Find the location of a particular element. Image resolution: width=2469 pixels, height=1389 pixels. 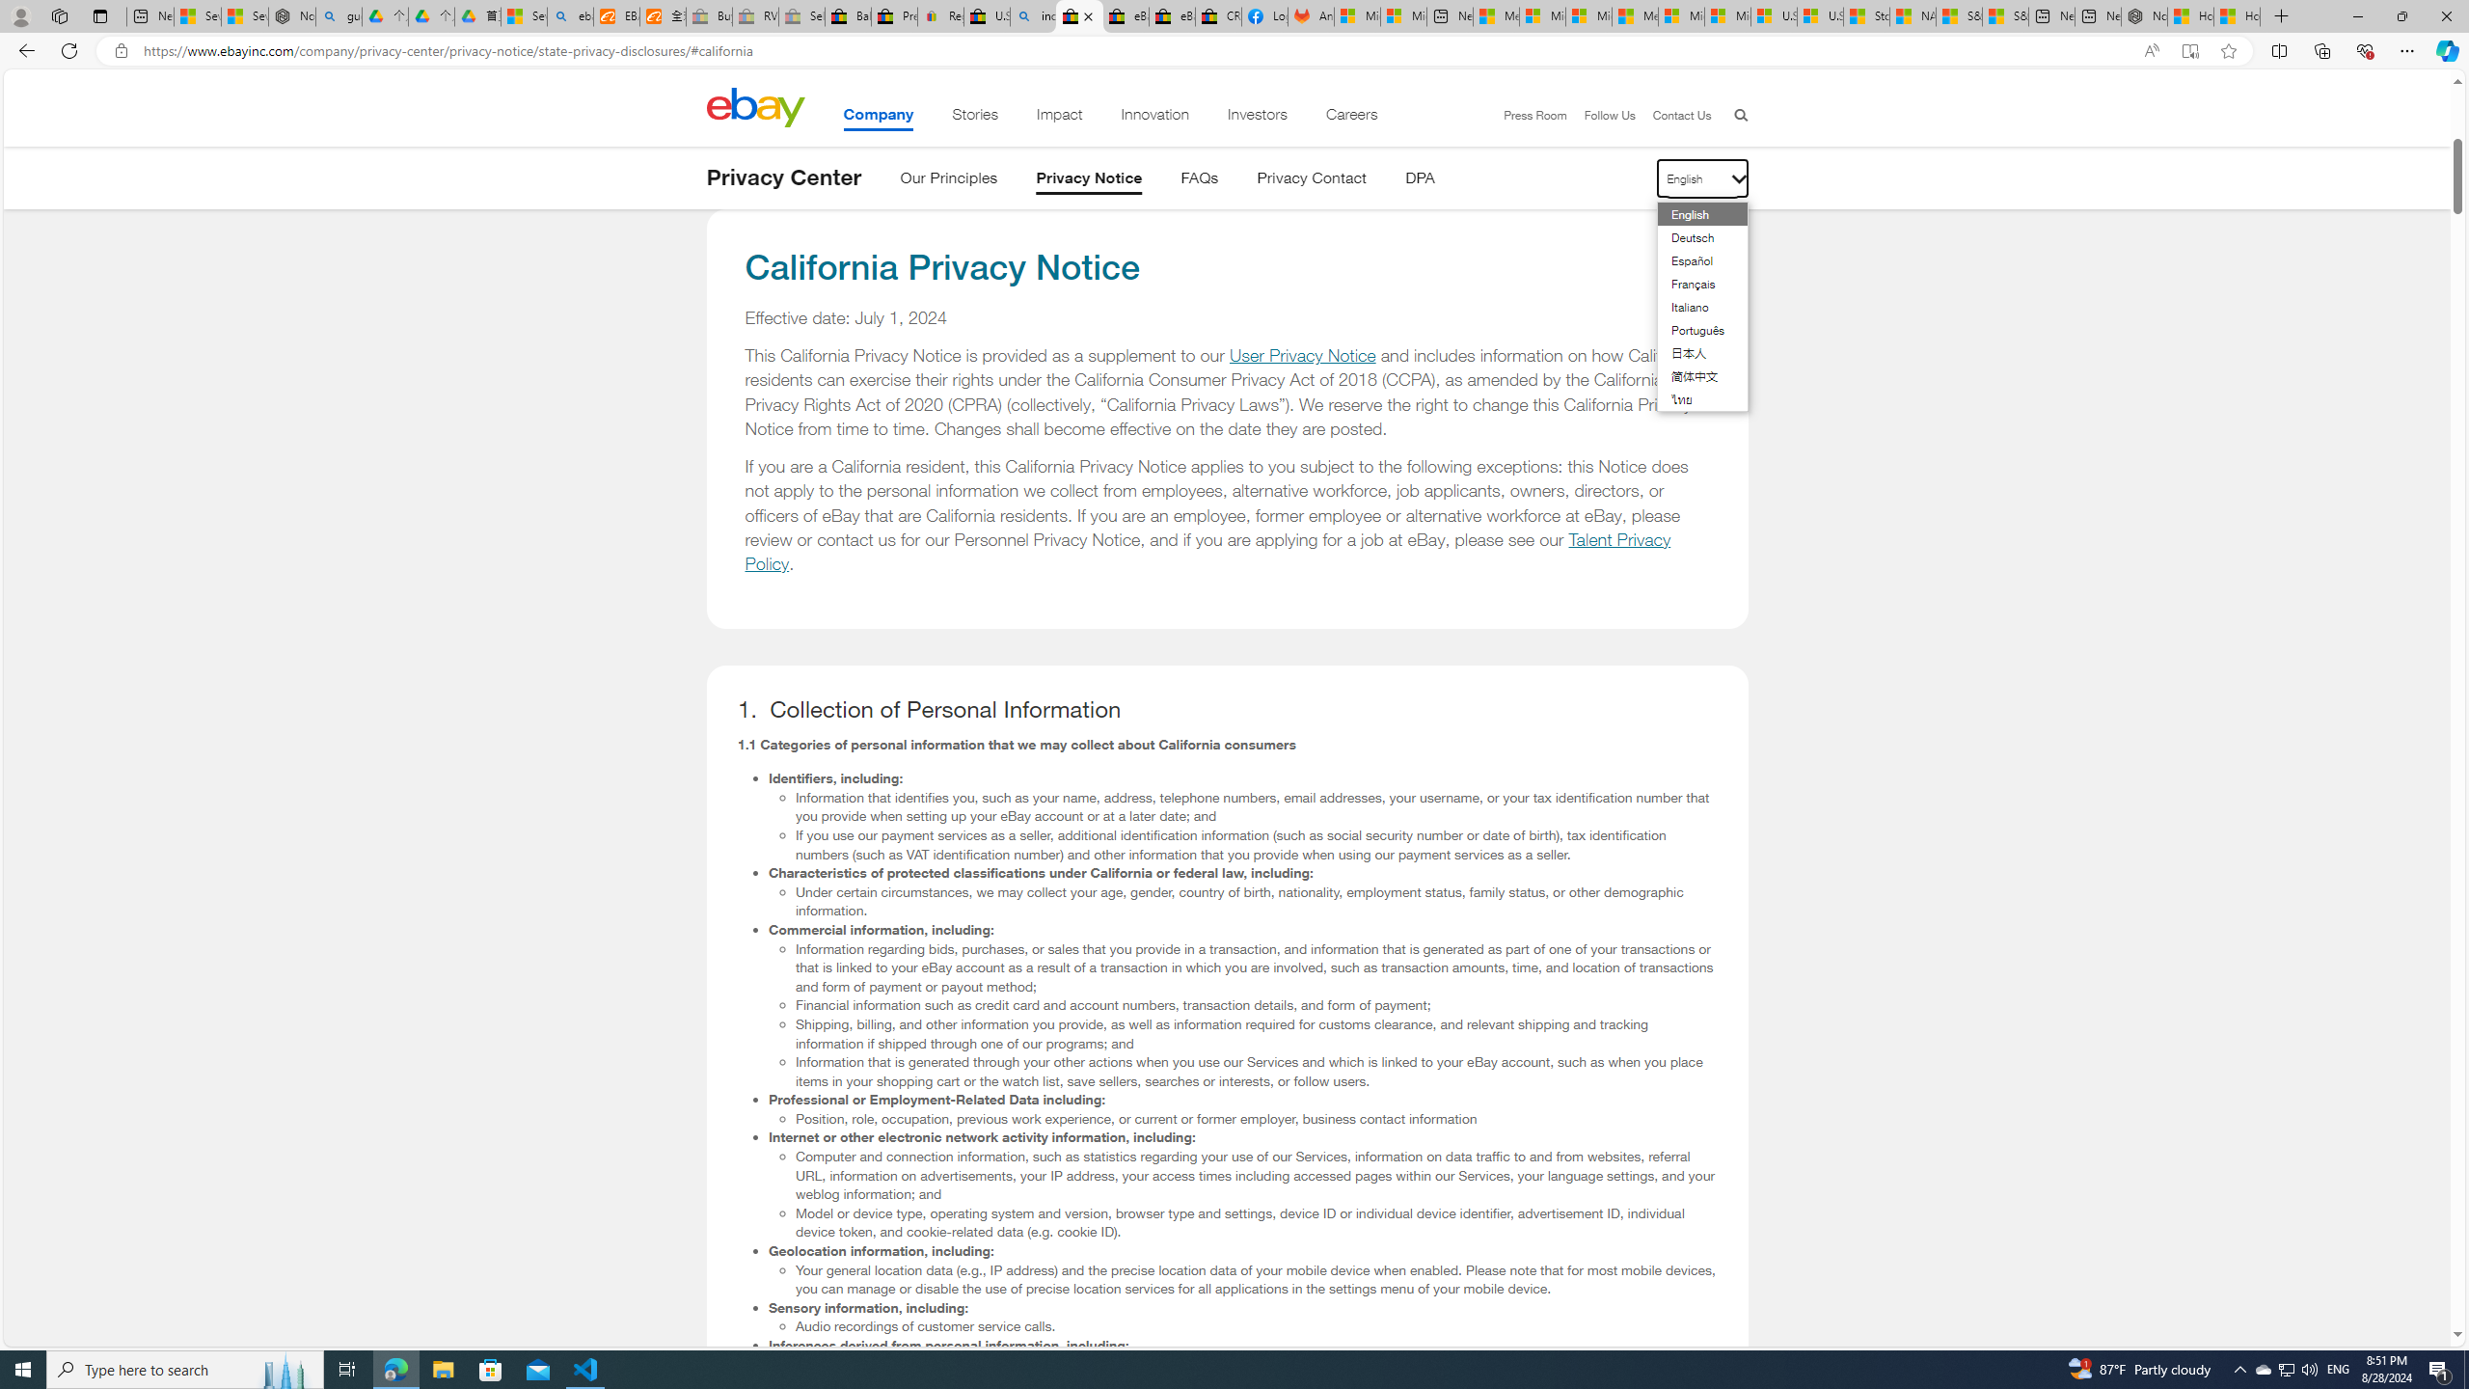

'Back' is located at coordinates (23, 49).